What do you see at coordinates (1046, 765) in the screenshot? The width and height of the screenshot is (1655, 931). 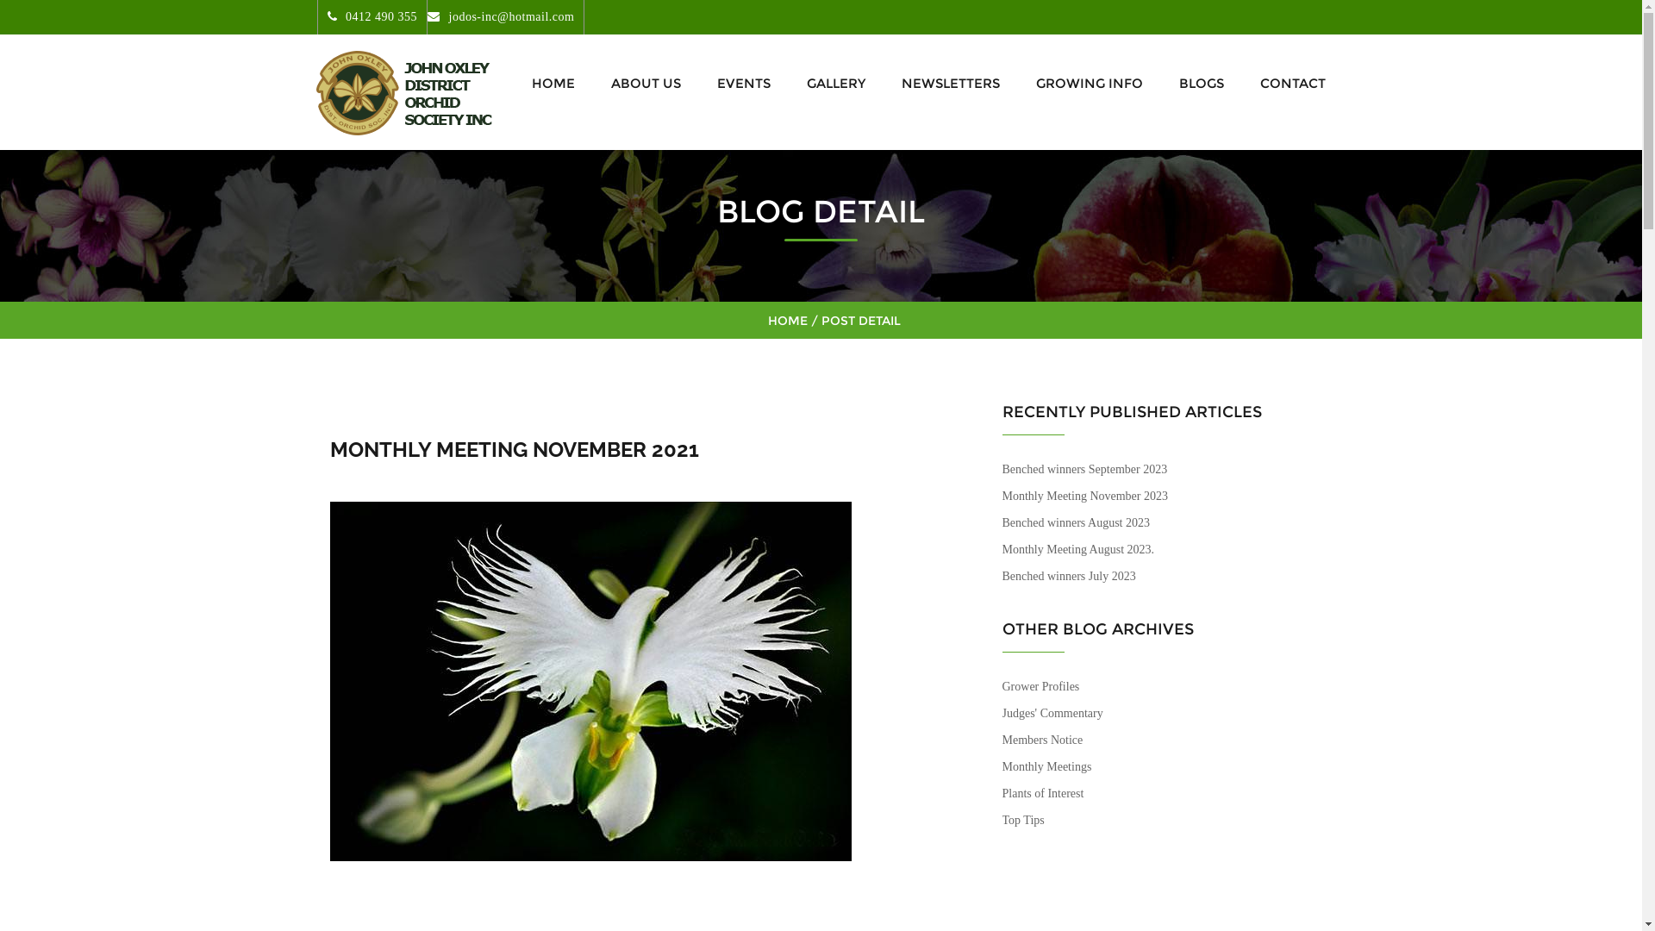 I see `'Monthly Meetings'` at bounding box center [1046, 765].